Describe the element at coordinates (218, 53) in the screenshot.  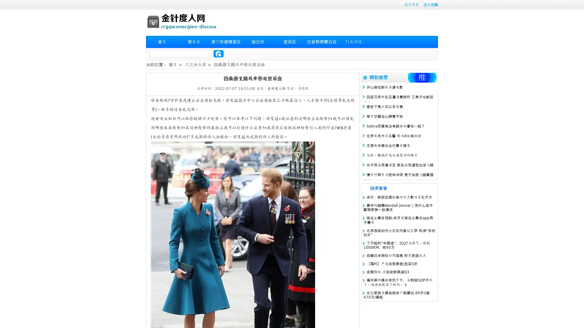
I see `Search` at that location.